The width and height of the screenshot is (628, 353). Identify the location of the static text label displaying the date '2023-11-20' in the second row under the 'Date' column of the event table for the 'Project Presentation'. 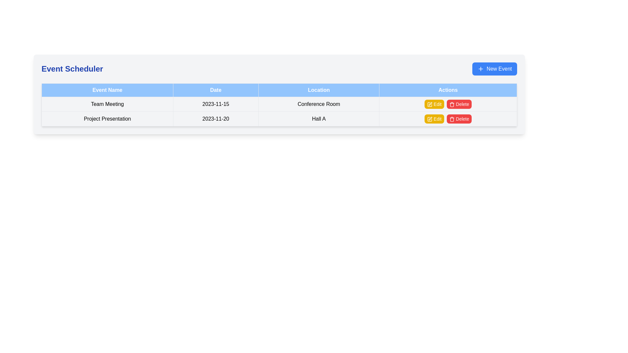
(216, 119).